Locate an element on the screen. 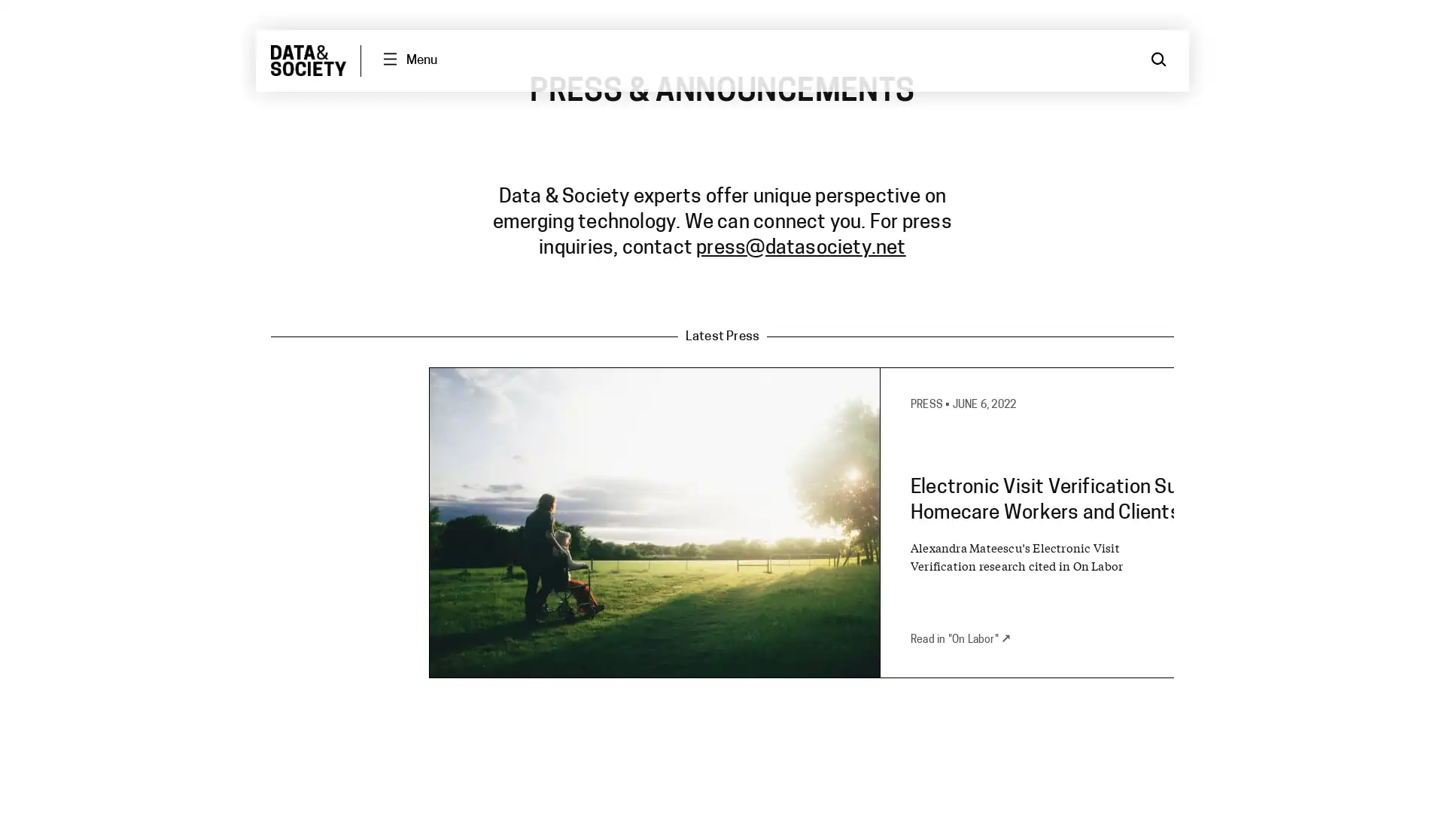 The width and height of the screenshot is (1445, 813). Search is located at coordinates (1158, 59).